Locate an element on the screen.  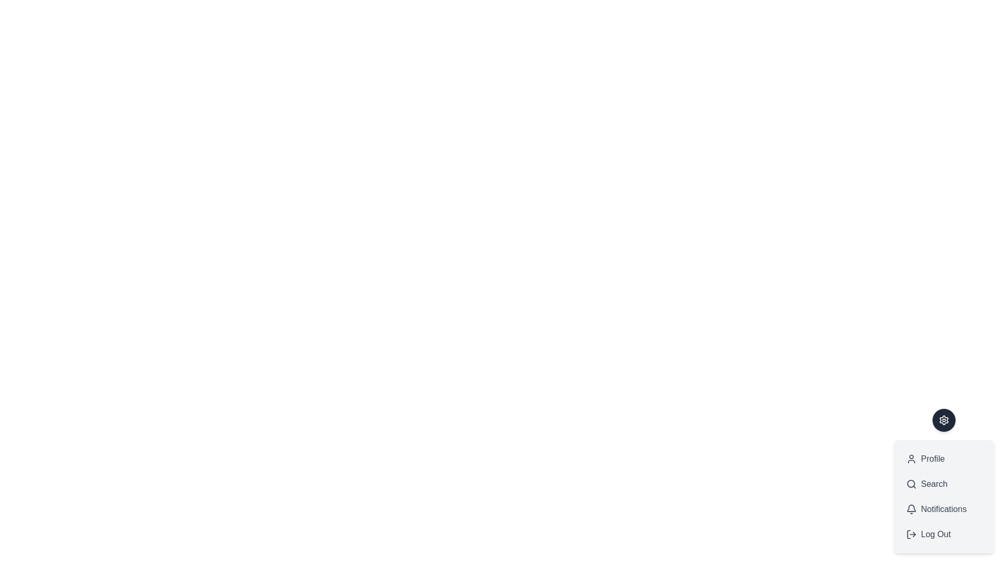
the 'Log Out' text label in the user menu interface, which is displayed in a medium, grayscale font at the bottom of the vertical menu, following 'Notifications' is located at coordinates (936, 534).